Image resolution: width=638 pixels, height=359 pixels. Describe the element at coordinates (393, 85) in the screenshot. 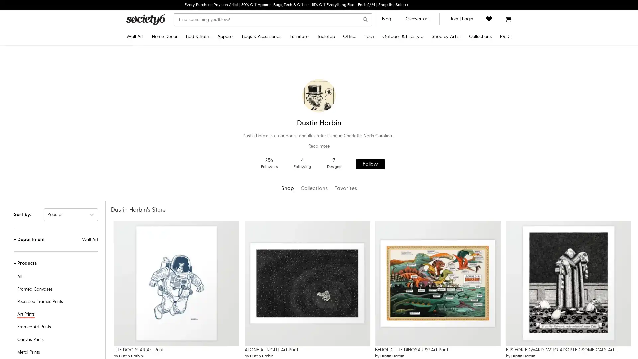

I see `Android Wallet Cases` at that location.